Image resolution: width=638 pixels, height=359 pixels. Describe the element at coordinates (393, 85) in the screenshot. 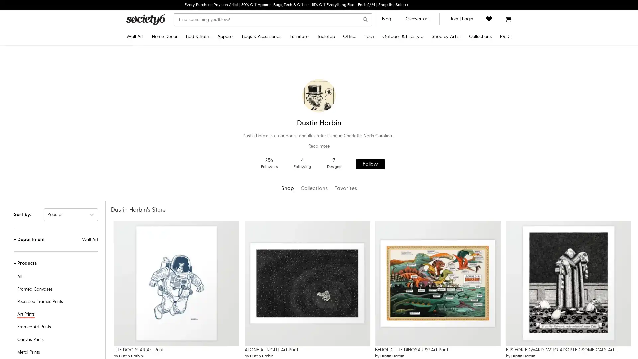

I see `Android Wallet Cases` at that location.